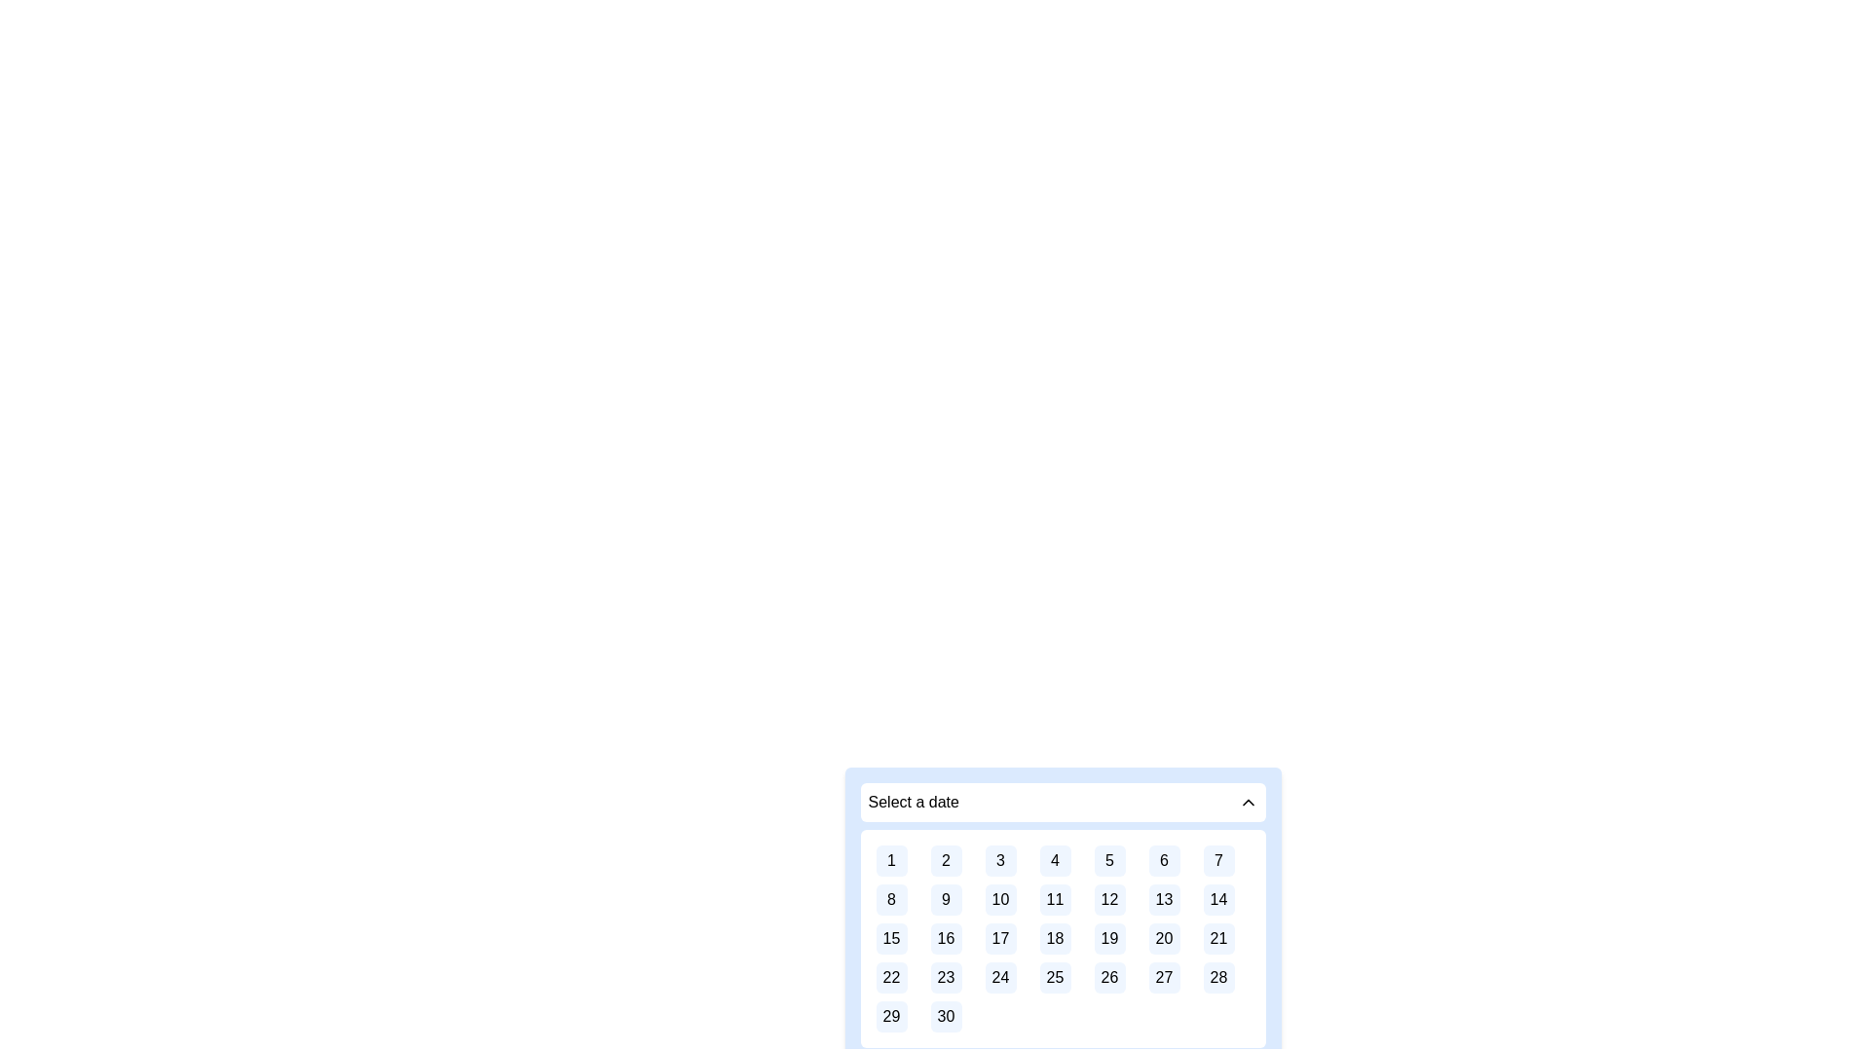  I want to click on the small square button with a light blue background and white border, which contains the centered black text '11', so click(1054, 900).